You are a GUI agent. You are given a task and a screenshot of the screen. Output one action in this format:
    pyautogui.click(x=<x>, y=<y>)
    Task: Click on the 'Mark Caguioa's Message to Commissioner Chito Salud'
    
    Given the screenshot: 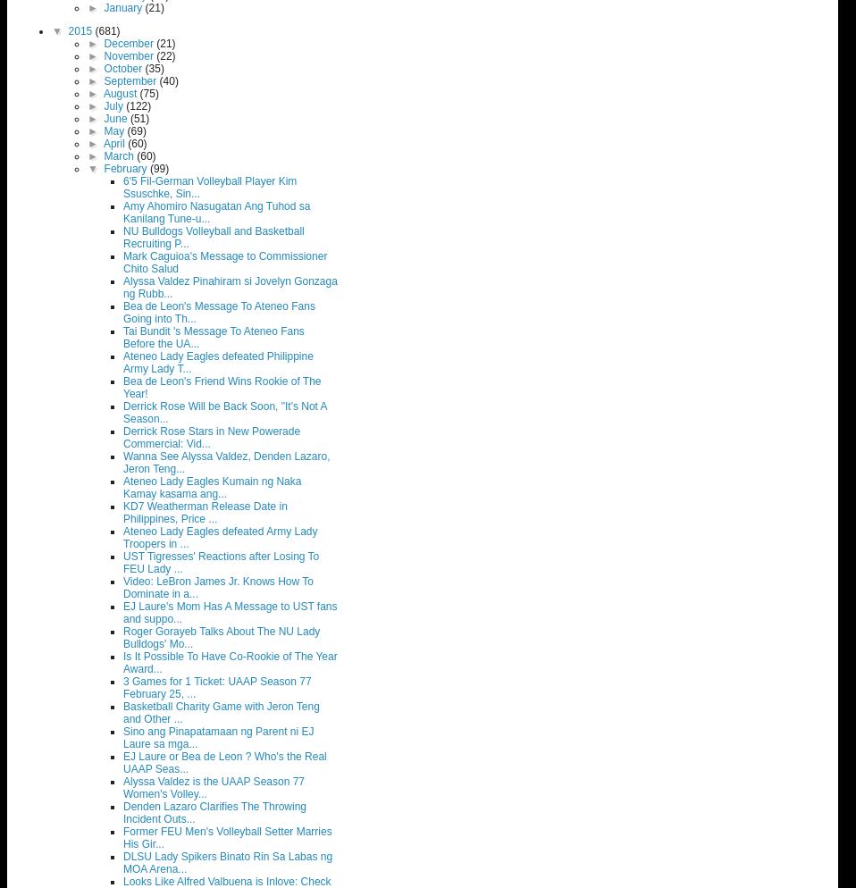 What is the action you would take?
    pyautogui.click(x=224, y=263)
    